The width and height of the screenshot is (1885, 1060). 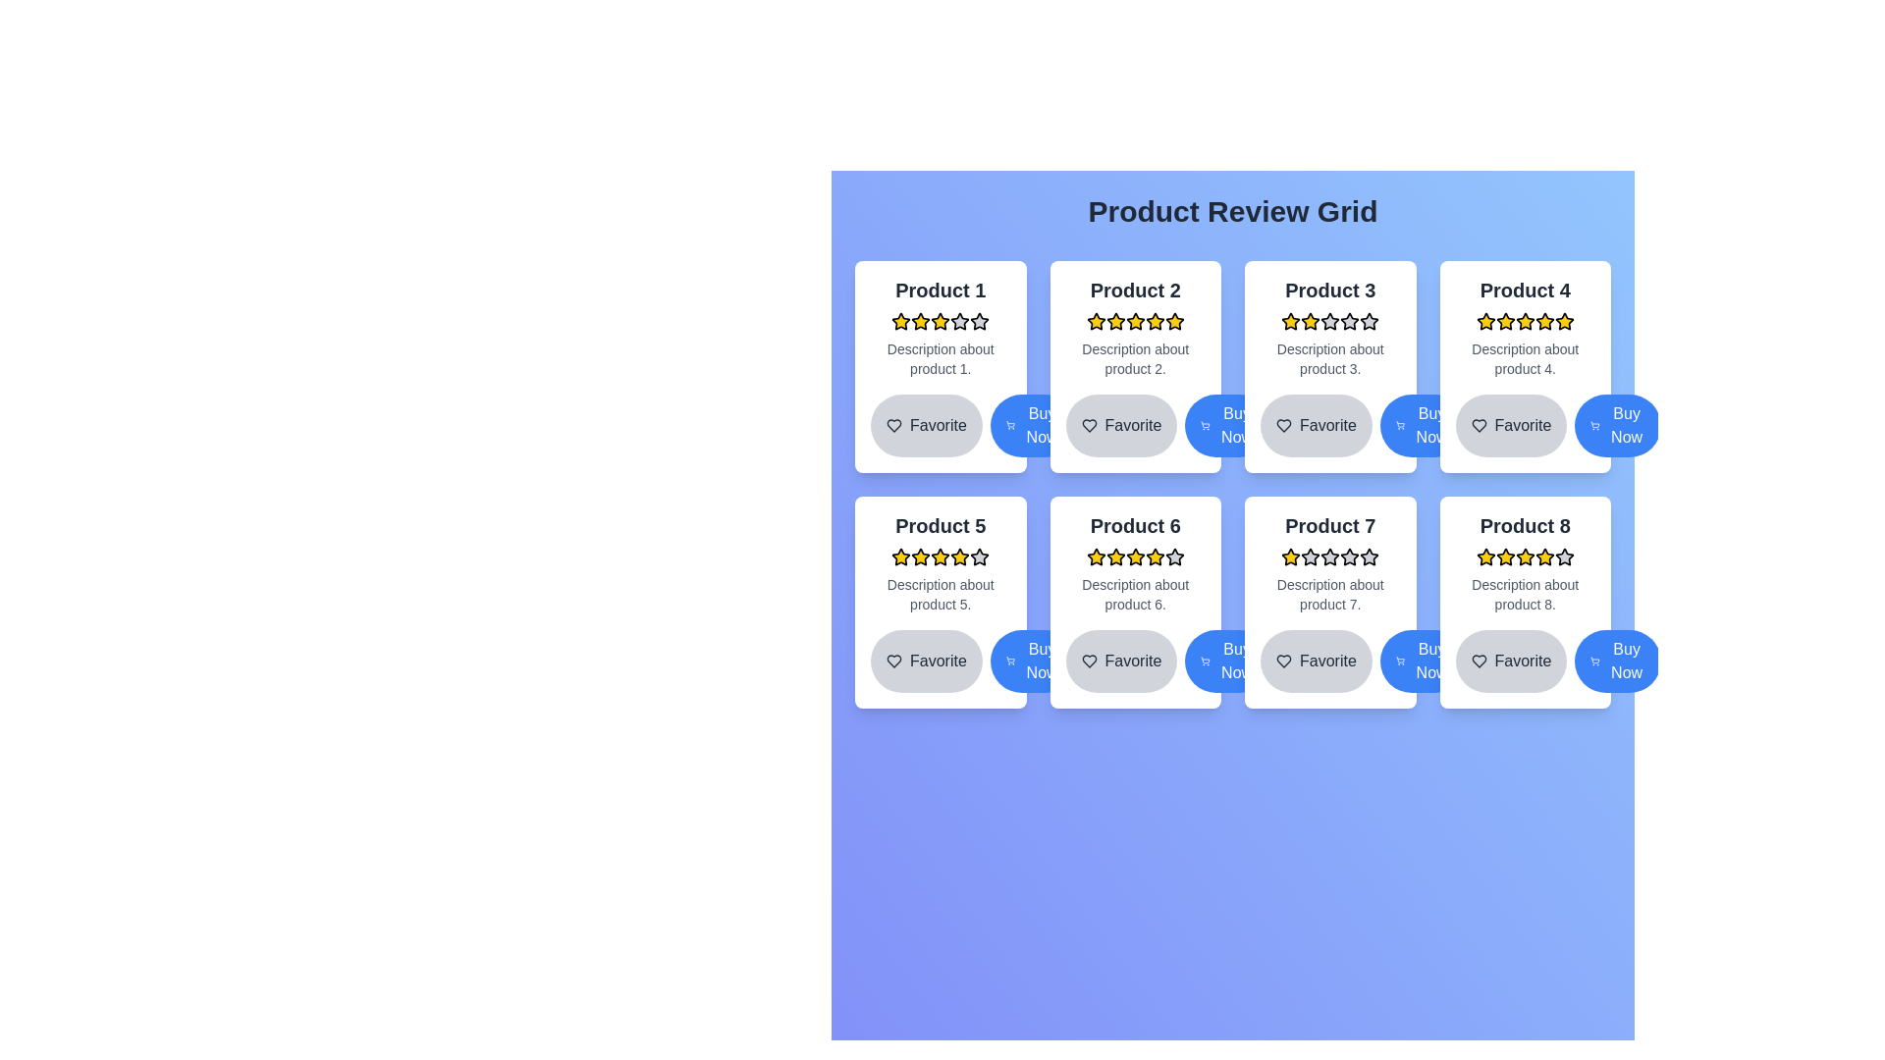 What do you see at coordinates (1524, 320) in the screenshot?
I see `the fourth star in the 5-star rating system for 'Product 4'` at bounding box center [1524, 320].